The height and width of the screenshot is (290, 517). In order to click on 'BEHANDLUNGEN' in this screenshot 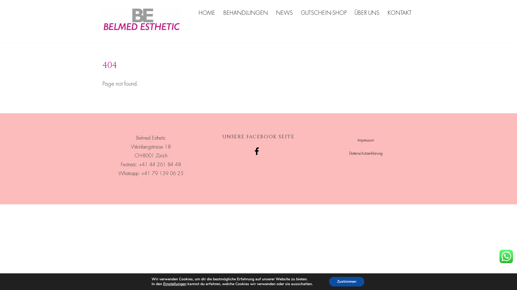, I will do `click(245, 13)`.